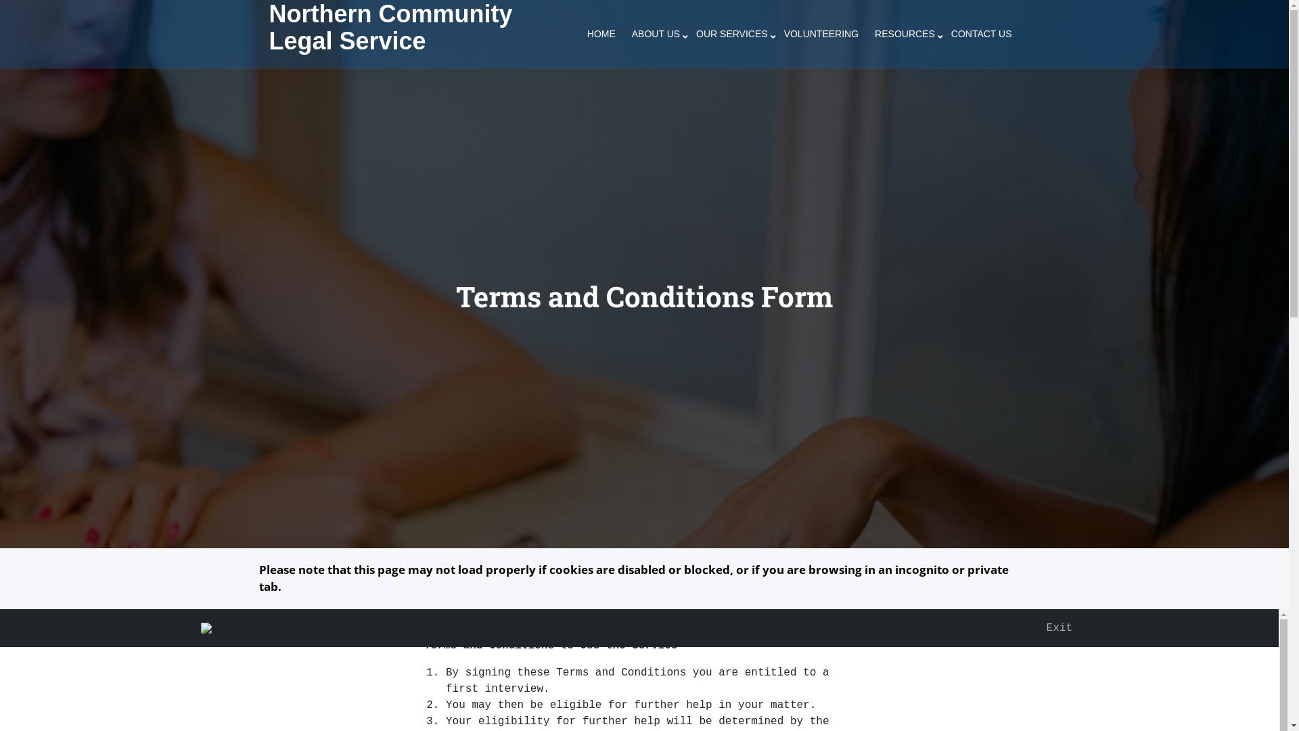 The height and width of the screenshot is (731, 1299). I want to click on 'CONTACT US', so click(981, 33).